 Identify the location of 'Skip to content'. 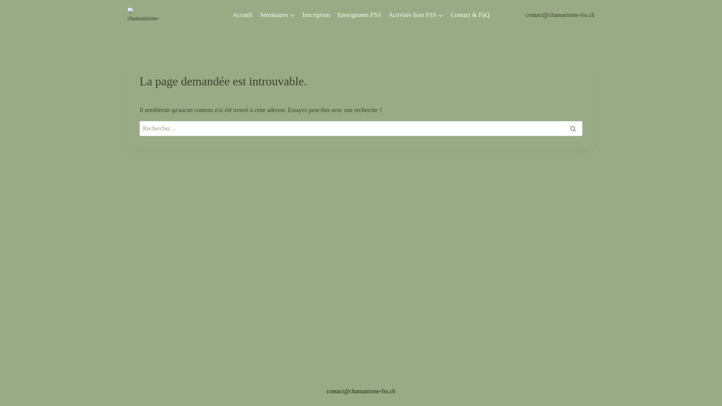
(0, 0).